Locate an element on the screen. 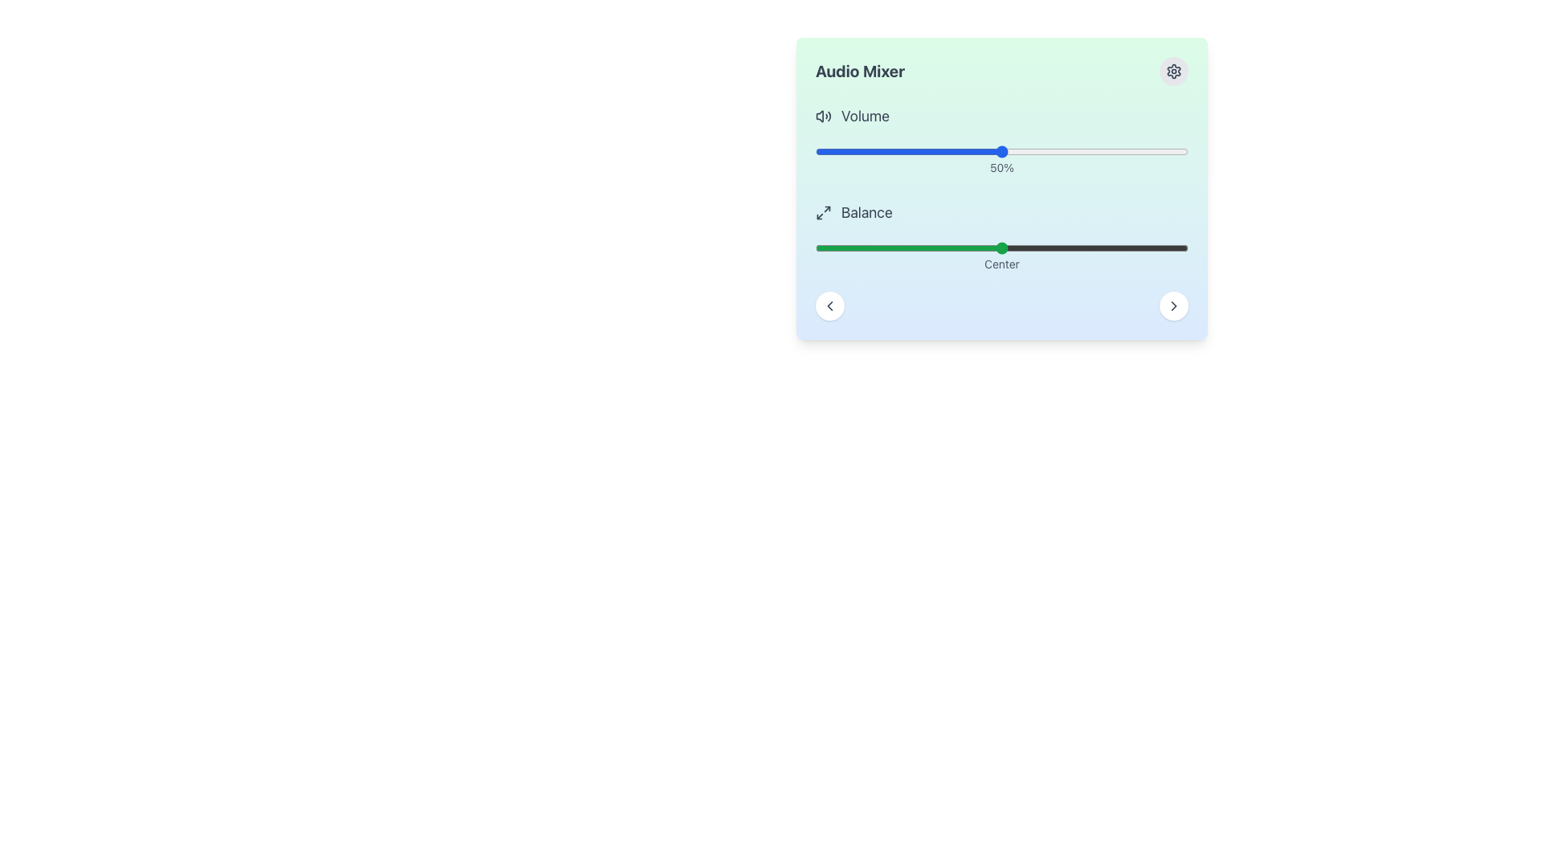 Image resolution: width=1543 pixels, height=868 pixels. balance is located at coordinates (1065, 248).